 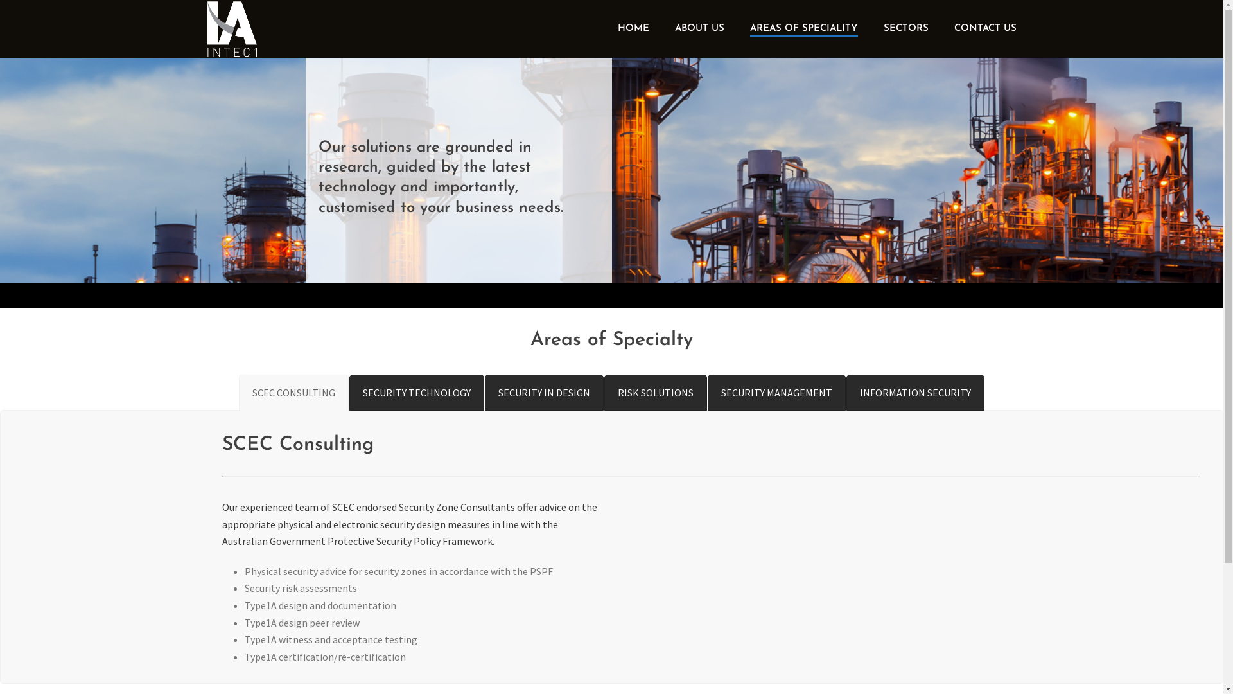 What do you see at coordinates (914, 392) in the screenshot?
I see `'INFORMATION SECURITY'` at bounding box center [914, 392].